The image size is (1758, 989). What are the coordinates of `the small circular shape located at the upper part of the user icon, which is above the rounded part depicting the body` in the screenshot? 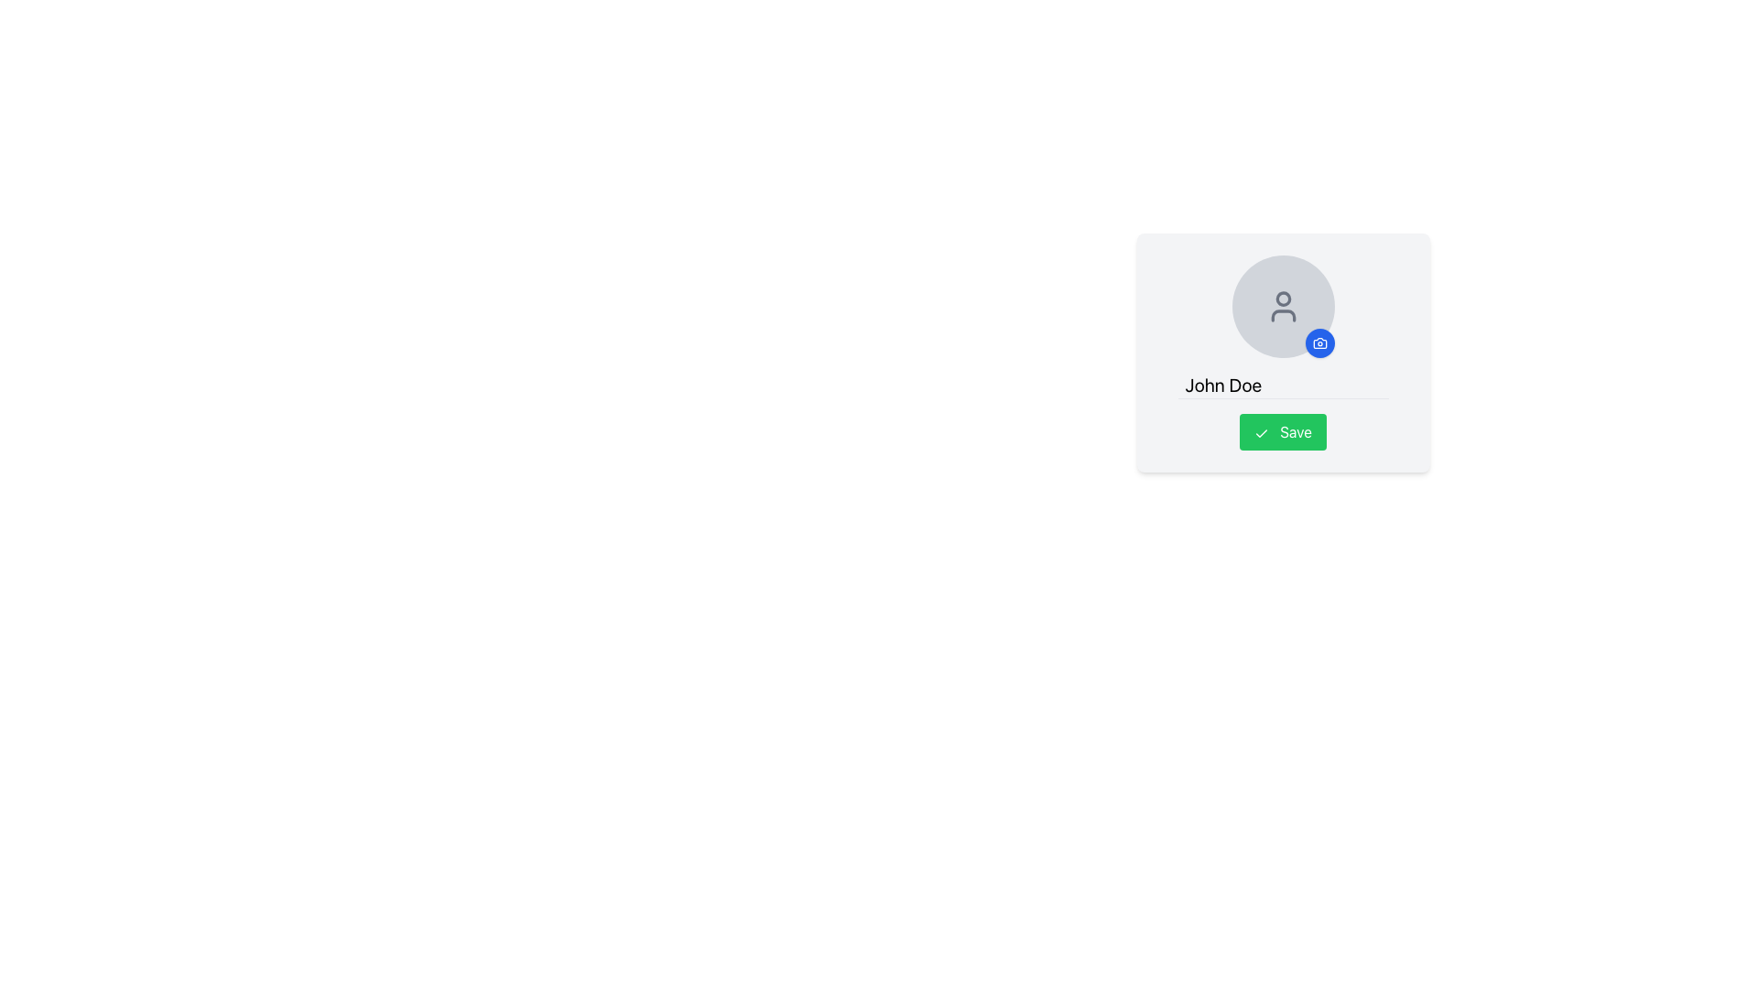 It's located at (1282, 298).